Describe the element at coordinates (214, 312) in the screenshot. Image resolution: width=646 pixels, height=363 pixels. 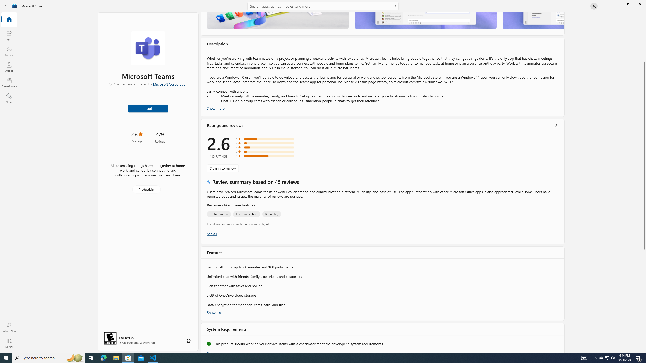
I see `'Show less'` at that location.